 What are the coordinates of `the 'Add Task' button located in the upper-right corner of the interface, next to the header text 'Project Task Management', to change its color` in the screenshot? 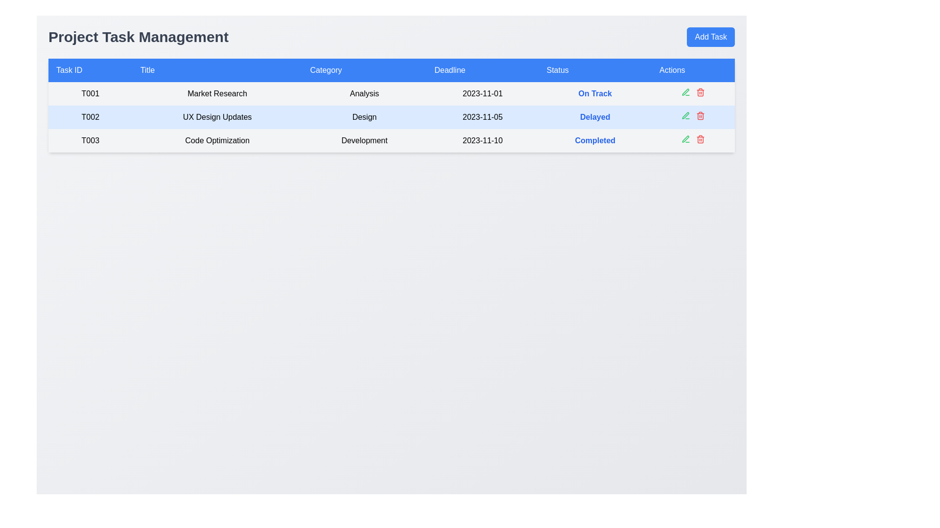 It's located at (711, 37).